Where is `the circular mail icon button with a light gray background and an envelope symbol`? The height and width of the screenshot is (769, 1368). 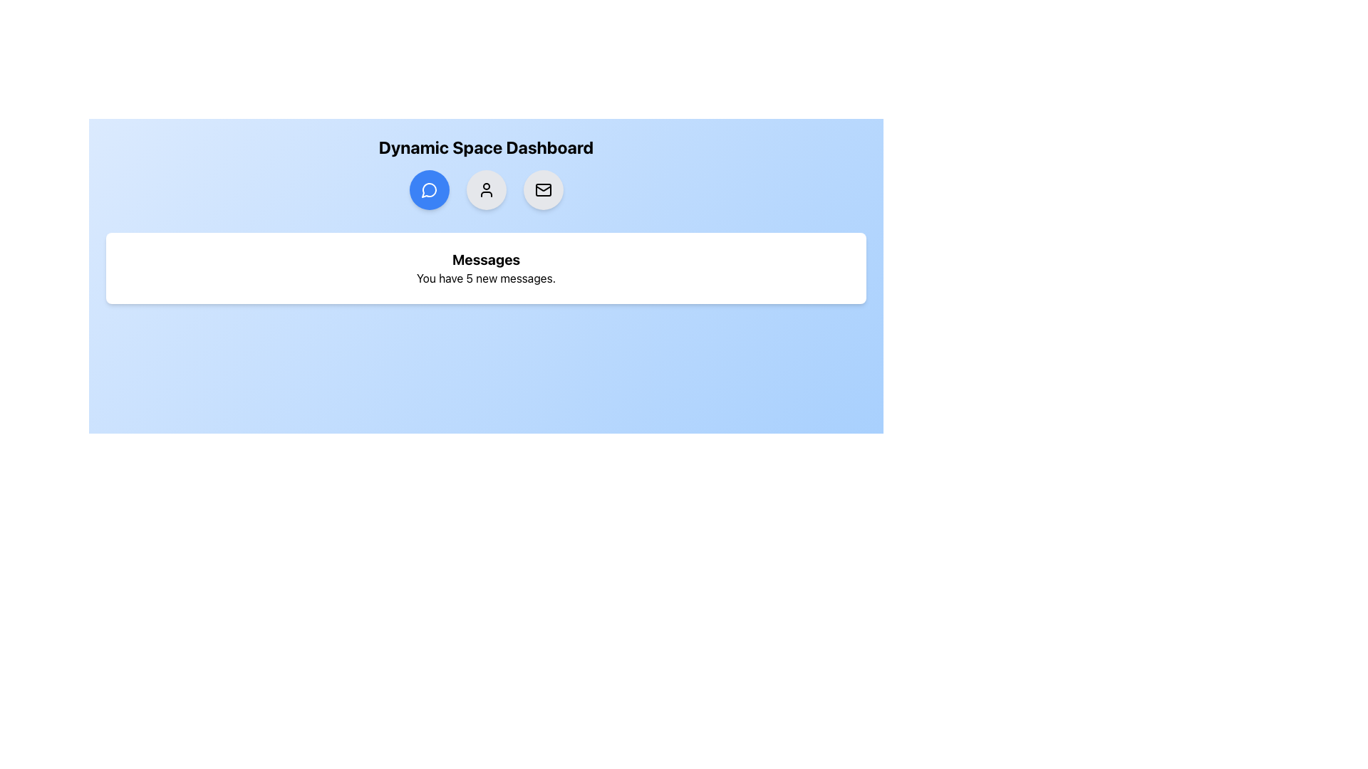 the circular mail icon button with a light gray background and an envelope symbol is located at coordinates (542, 189).